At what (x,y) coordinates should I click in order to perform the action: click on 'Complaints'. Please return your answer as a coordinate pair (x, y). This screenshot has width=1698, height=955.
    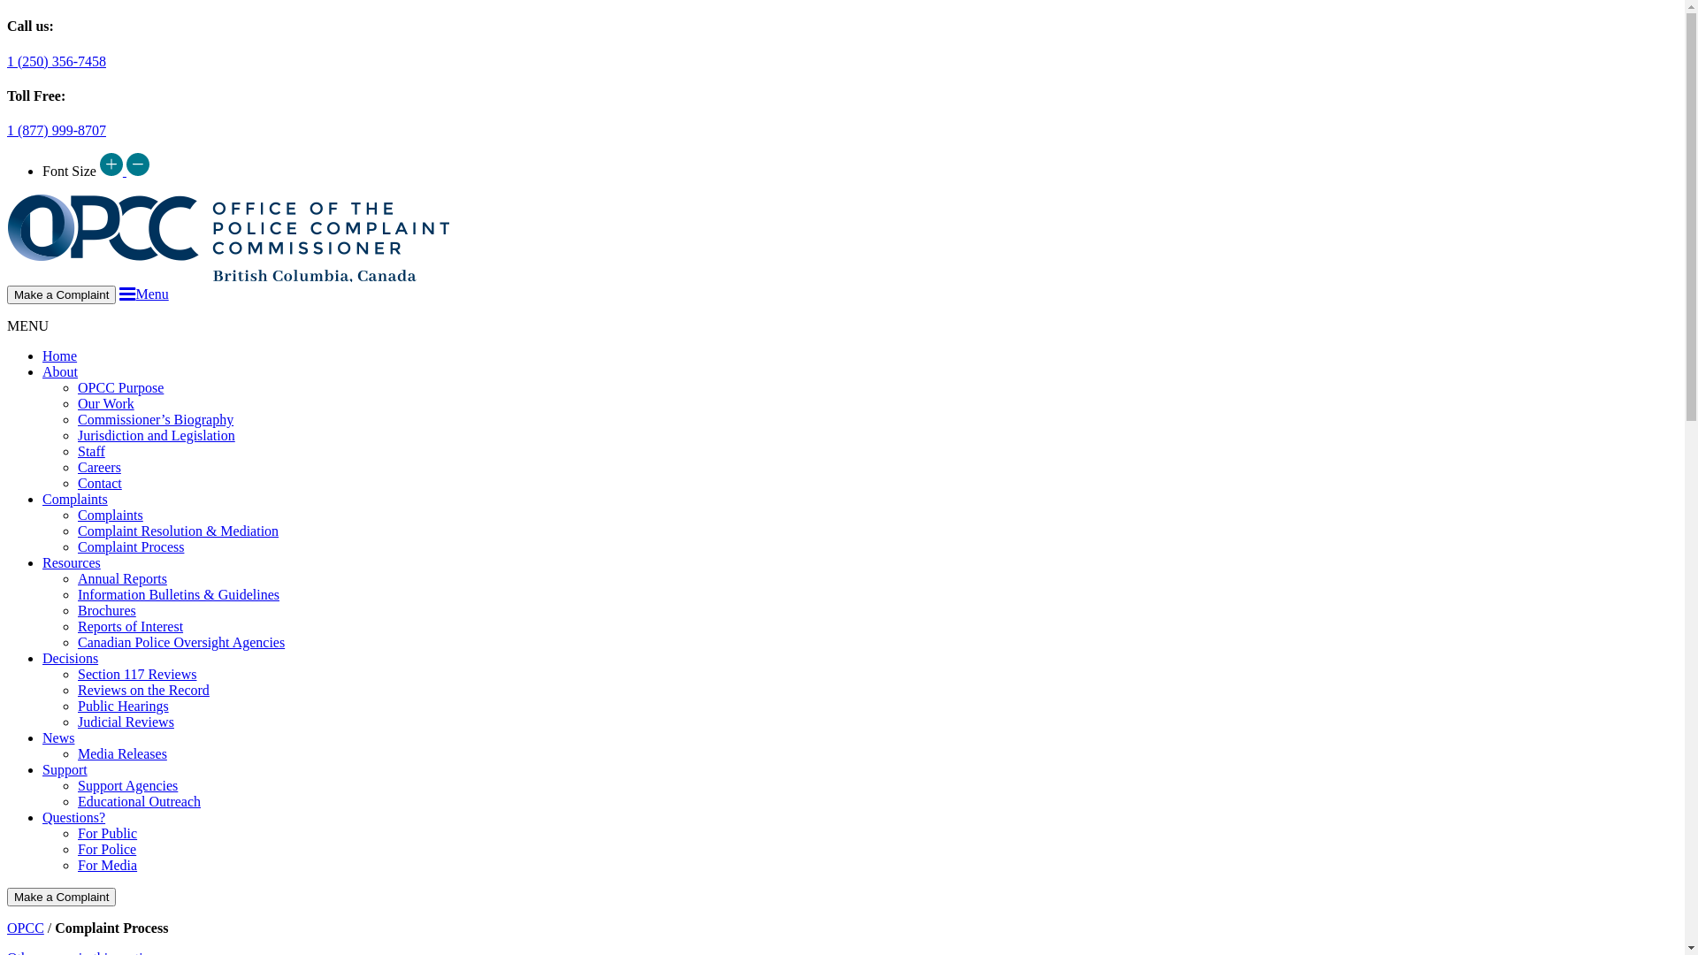
    Looking at the image, I should click on (109, 515).